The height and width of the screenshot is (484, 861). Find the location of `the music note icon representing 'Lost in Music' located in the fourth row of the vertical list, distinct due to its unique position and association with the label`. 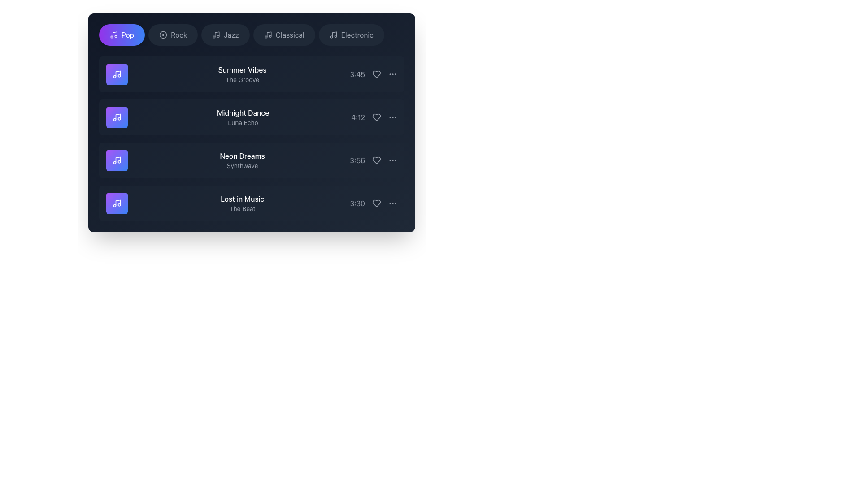

the music note icon representing 'Lost in Music' located in the fourth row of the vertical list, distinct due to its unique position and association with the label is located at coordinates (117, 203).